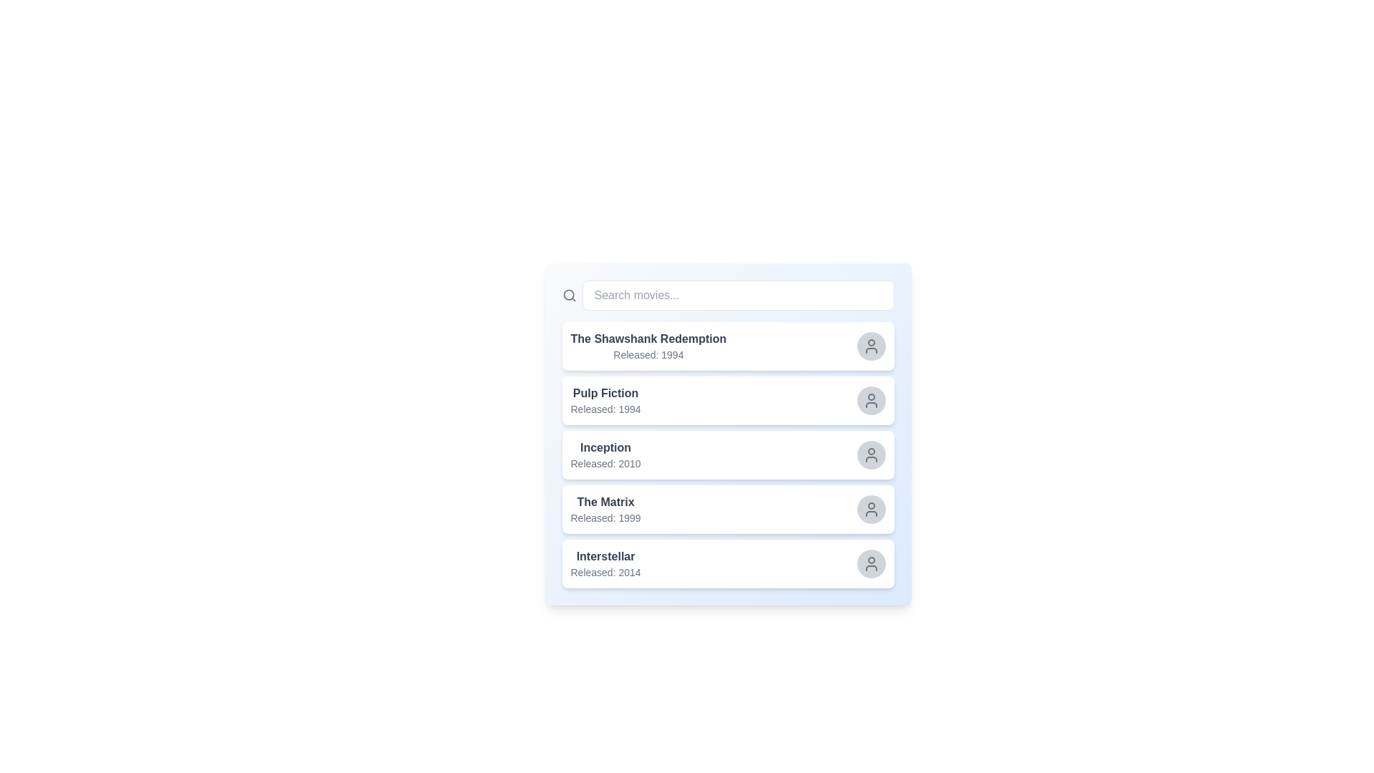  What do you see at coordinates (728, 509) in the screenshot?
I see `the fourth movie title list item` at bounding box center [728, 509].